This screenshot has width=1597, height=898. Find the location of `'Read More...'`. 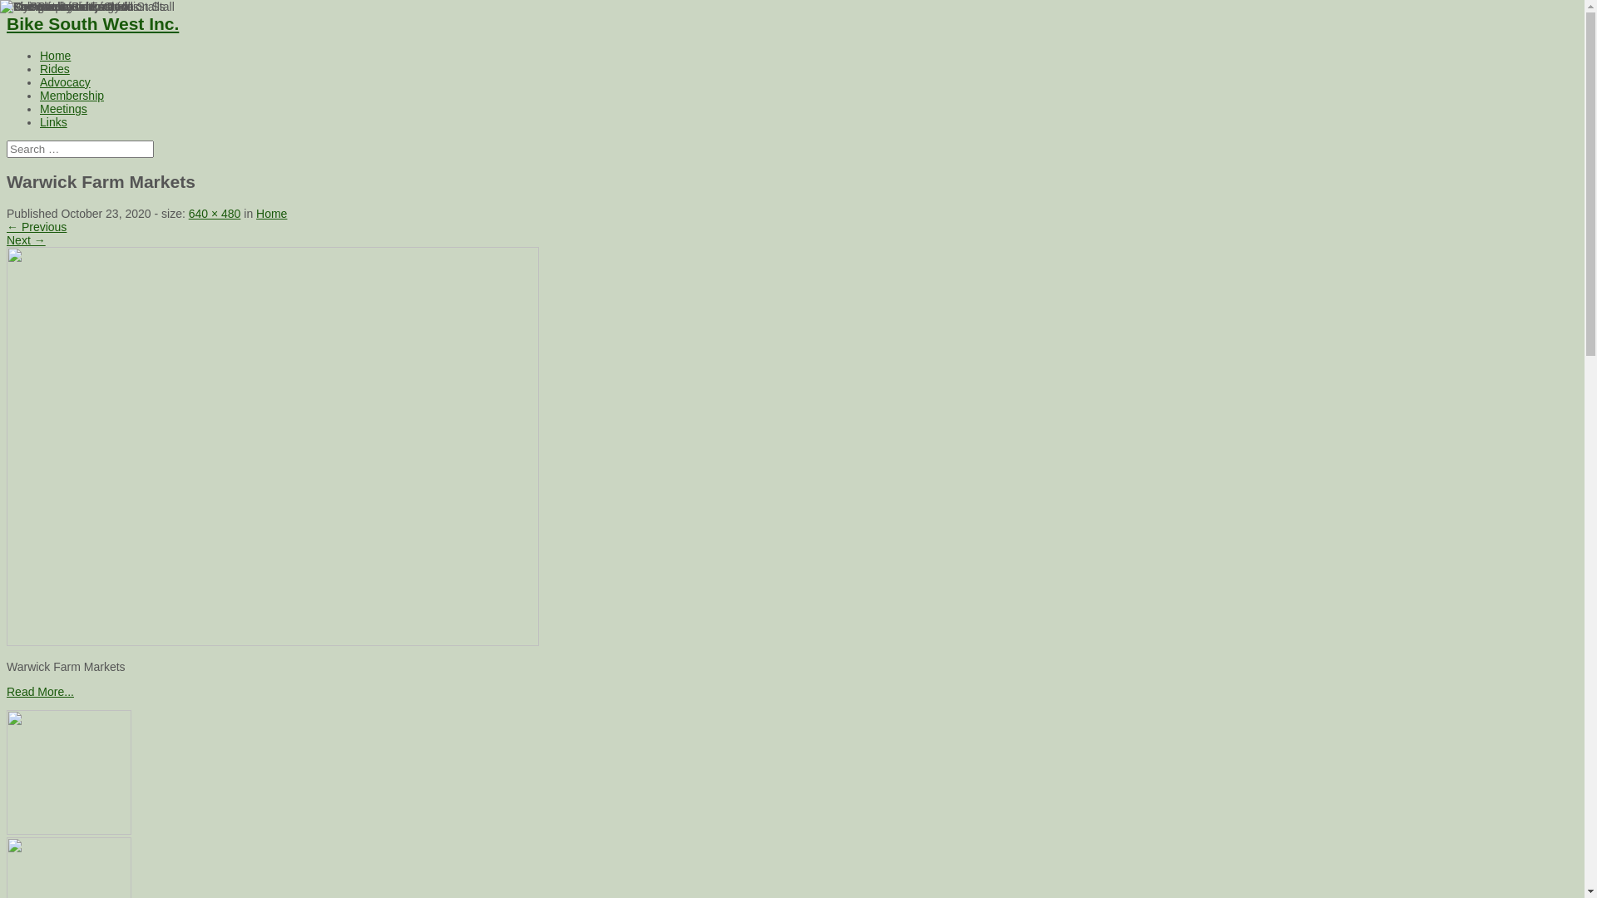

'Read More...' is located at coordinates (40, 692).